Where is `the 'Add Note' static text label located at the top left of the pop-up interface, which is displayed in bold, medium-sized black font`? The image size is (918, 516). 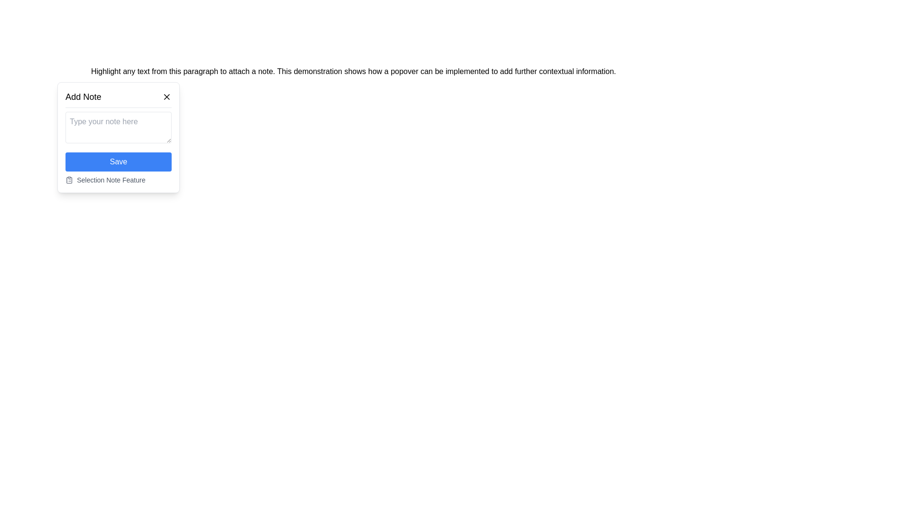 the 'Add Note' static text label located at the top left of the pop-up interface, which is displayed in bold, medium-sized black font is located at coordinates (83, 97).